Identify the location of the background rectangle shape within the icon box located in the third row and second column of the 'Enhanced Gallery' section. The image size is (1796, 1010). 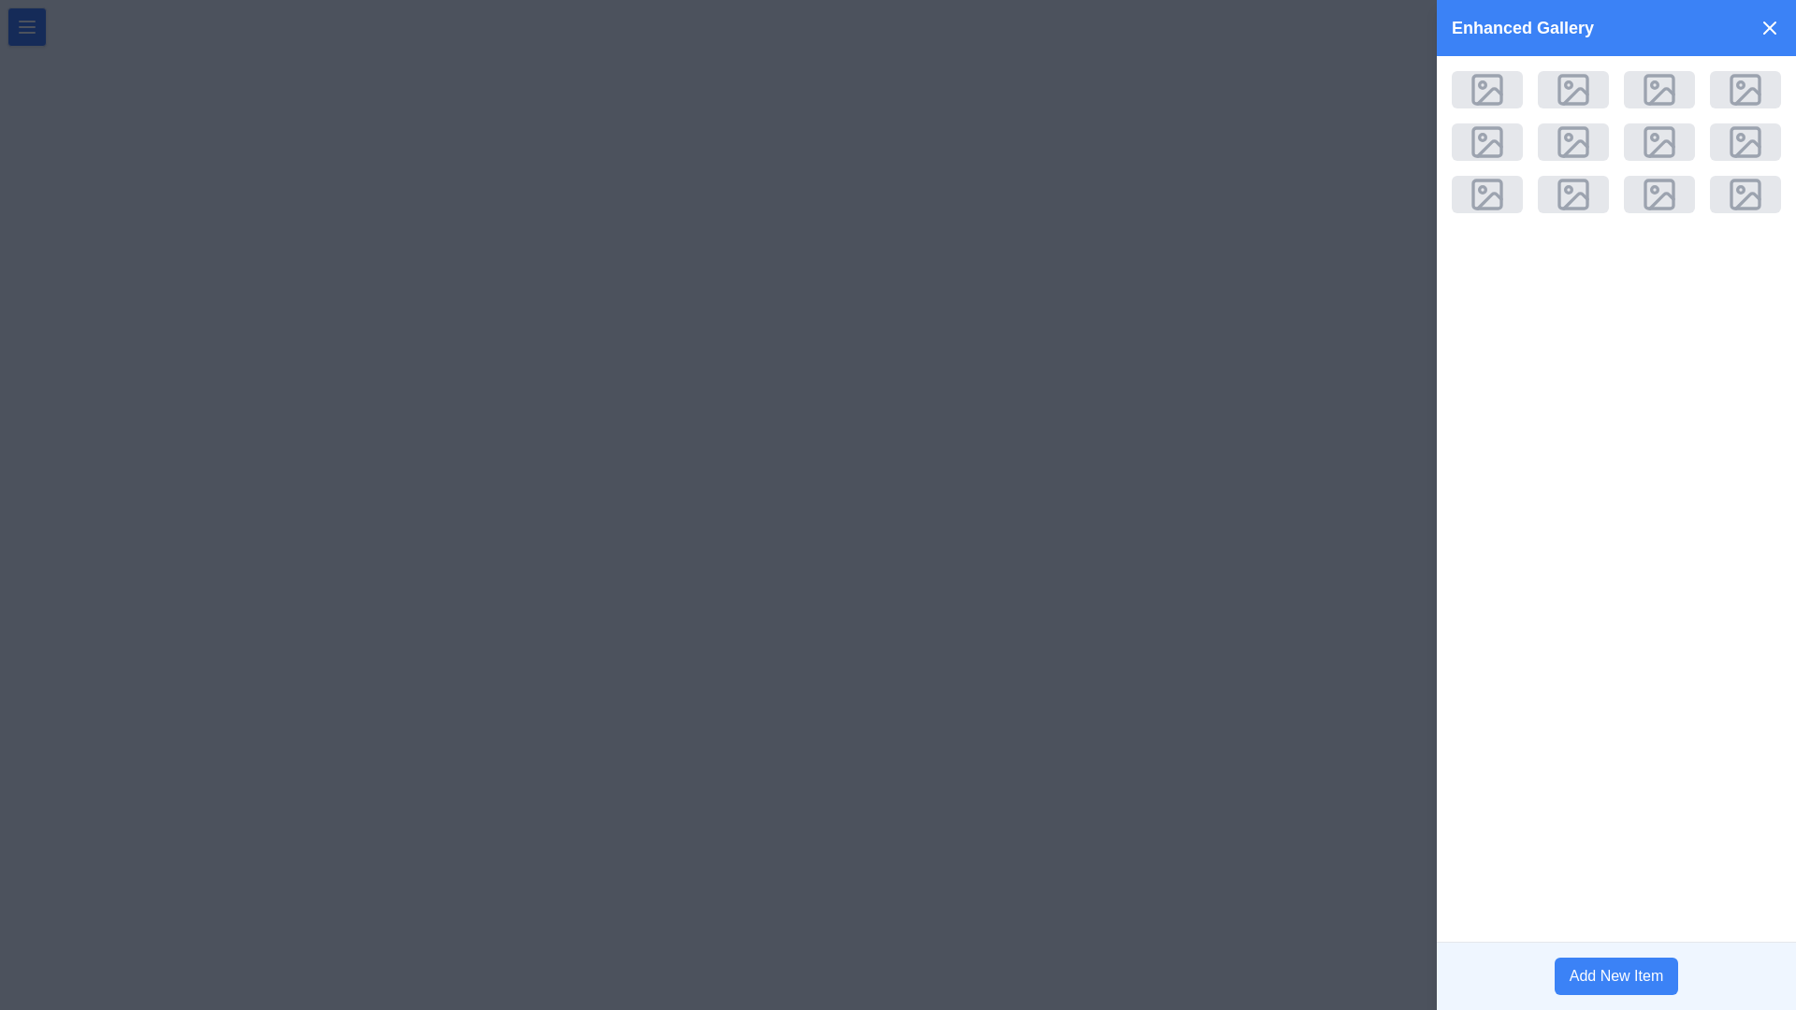
(1659, 90).